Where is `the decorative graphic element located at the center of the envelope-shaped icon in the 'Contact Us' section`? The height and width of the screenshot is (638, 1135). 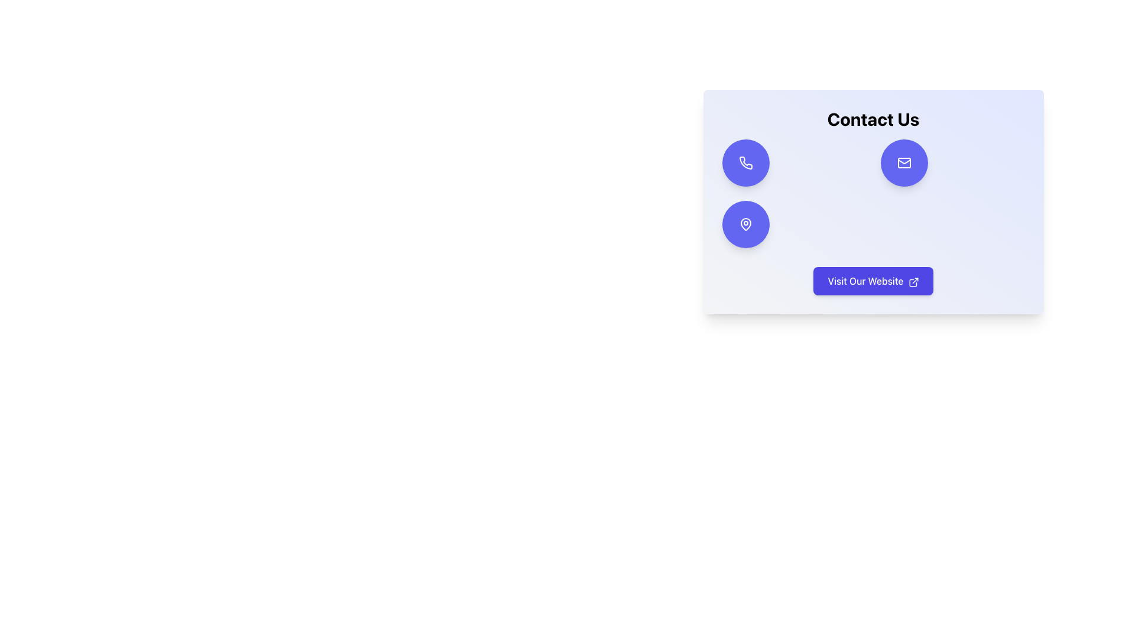
the decorative graphic element located at the center of the envelope-shaped icon in the 'Contact Us' section is located at coordinates (903, 163).